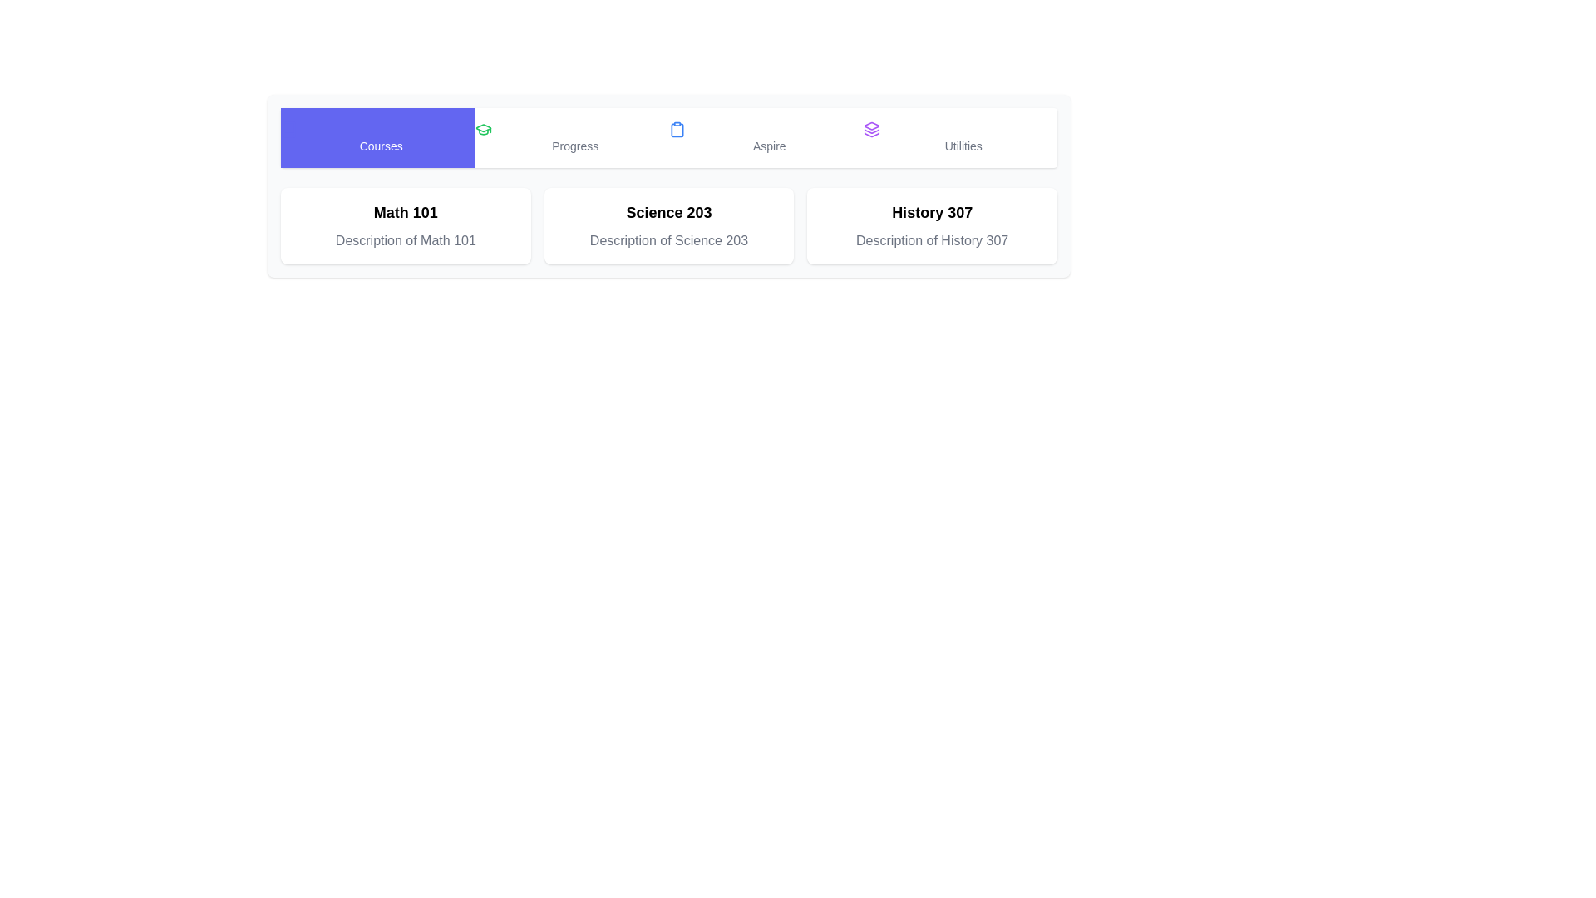 Image resolution: width=1596 pixels, height=898 pixels. I want to click on the Informational card titled 'History 307' which is the third card in a grid layout, located on the far-right with centered text and a white background, so click(932, 226).